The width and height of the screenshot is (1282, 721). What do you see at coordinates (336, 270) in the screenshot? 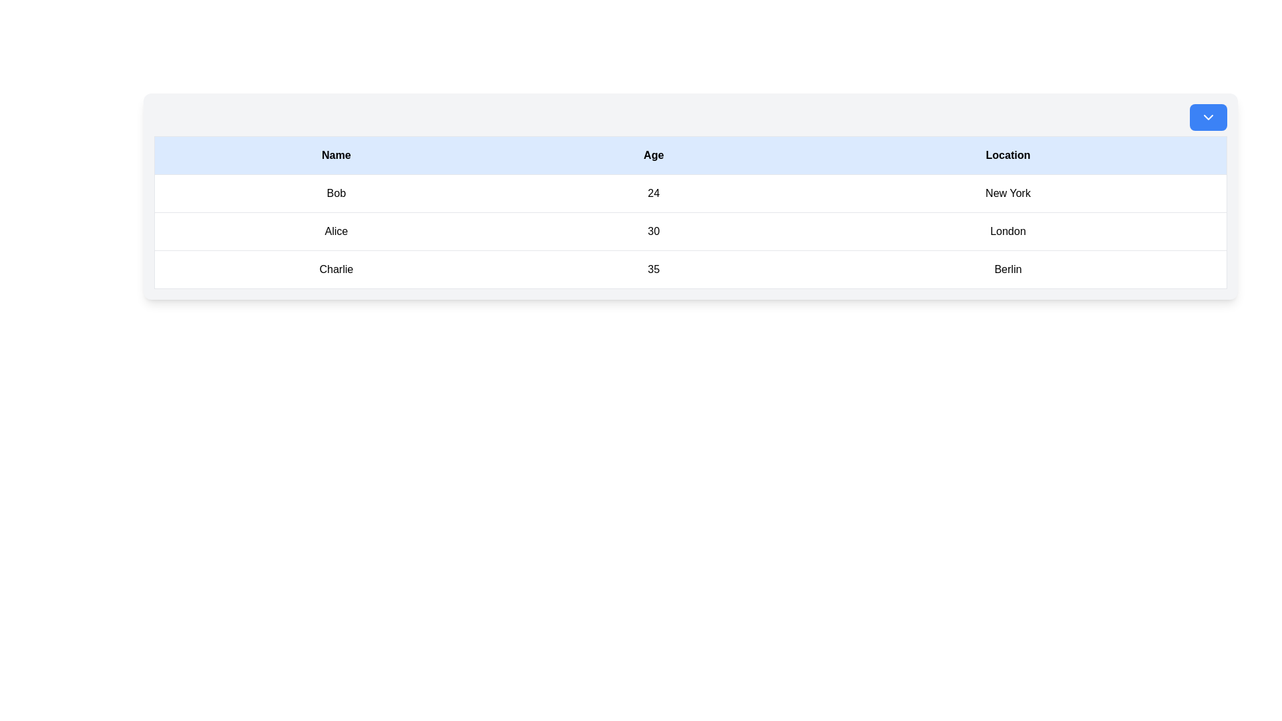
I see `text content of the Text label displaying the name 'Charlie' in the first column of the last visible row in the table` at bounding box center [336, 270].